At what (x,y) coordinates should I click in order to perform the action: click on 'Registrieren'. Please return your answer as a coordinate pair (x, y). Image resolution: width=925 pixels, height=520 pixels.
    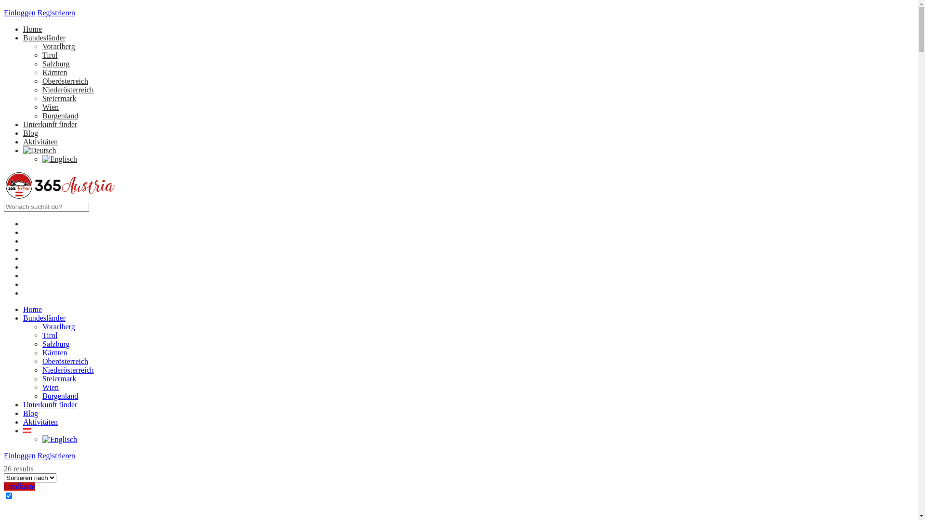
    Looking at the image, I should click on (55, 434).